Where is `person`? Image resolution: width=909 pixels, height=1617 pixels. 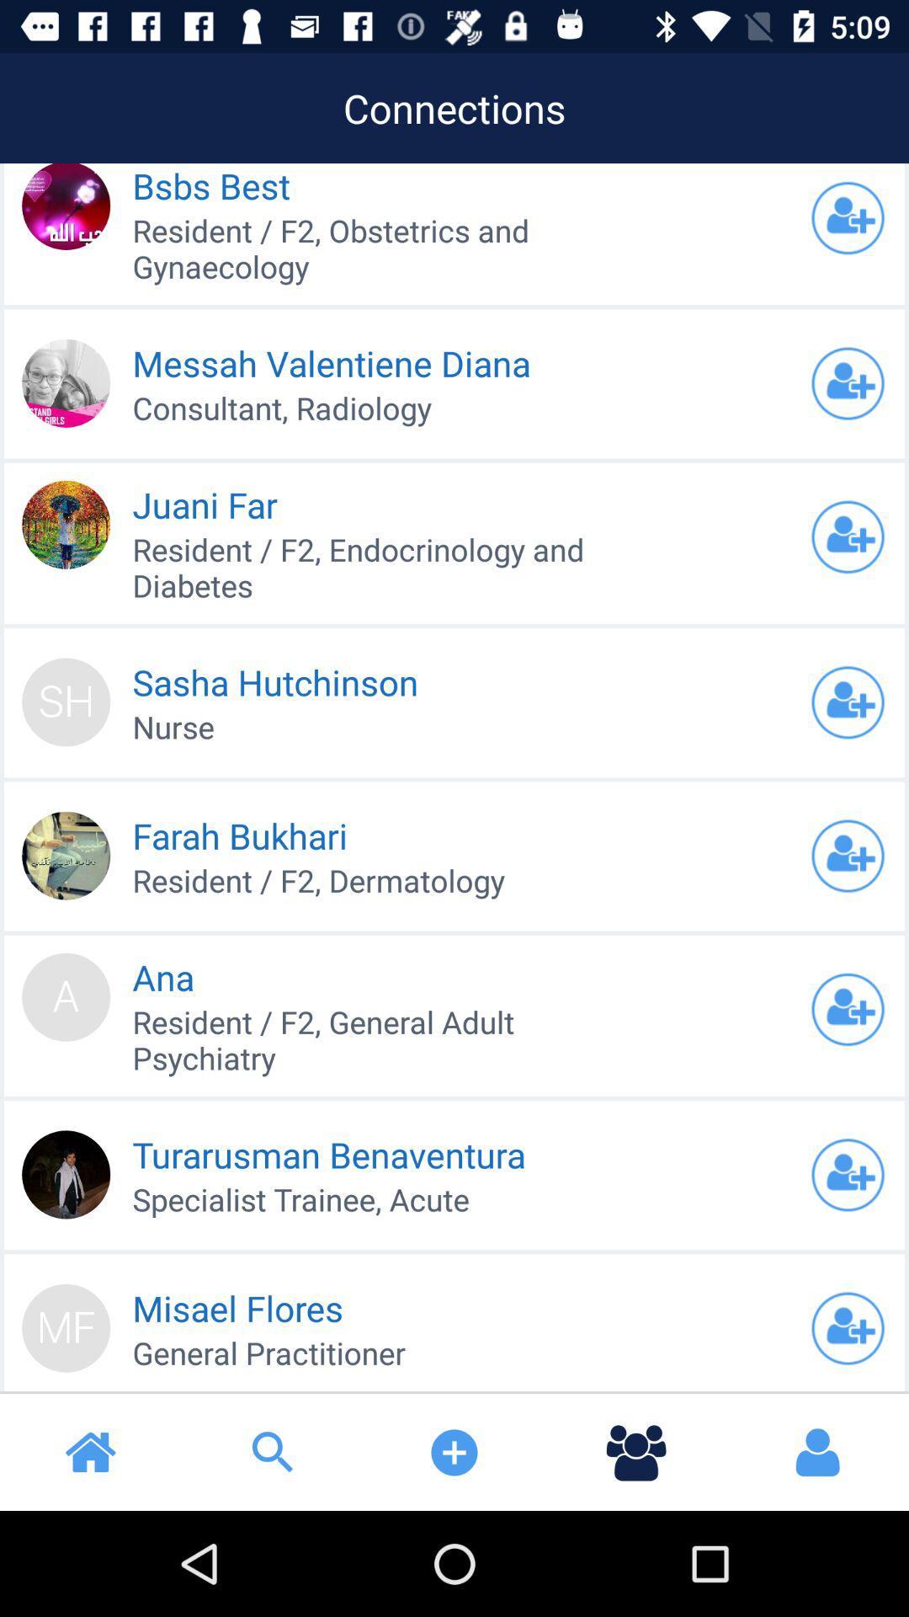
person is located at coordinates (848, 382).